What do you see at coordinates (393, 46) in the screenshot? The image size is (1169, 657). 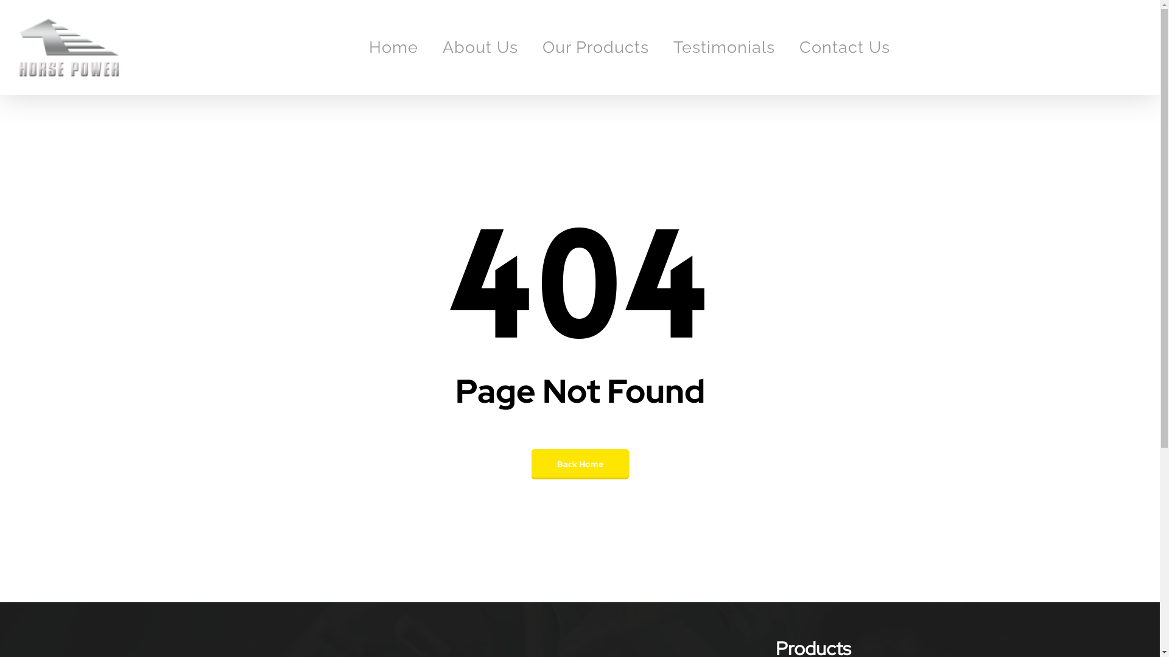 I see `'Home'` at bounding box center [393, 46].